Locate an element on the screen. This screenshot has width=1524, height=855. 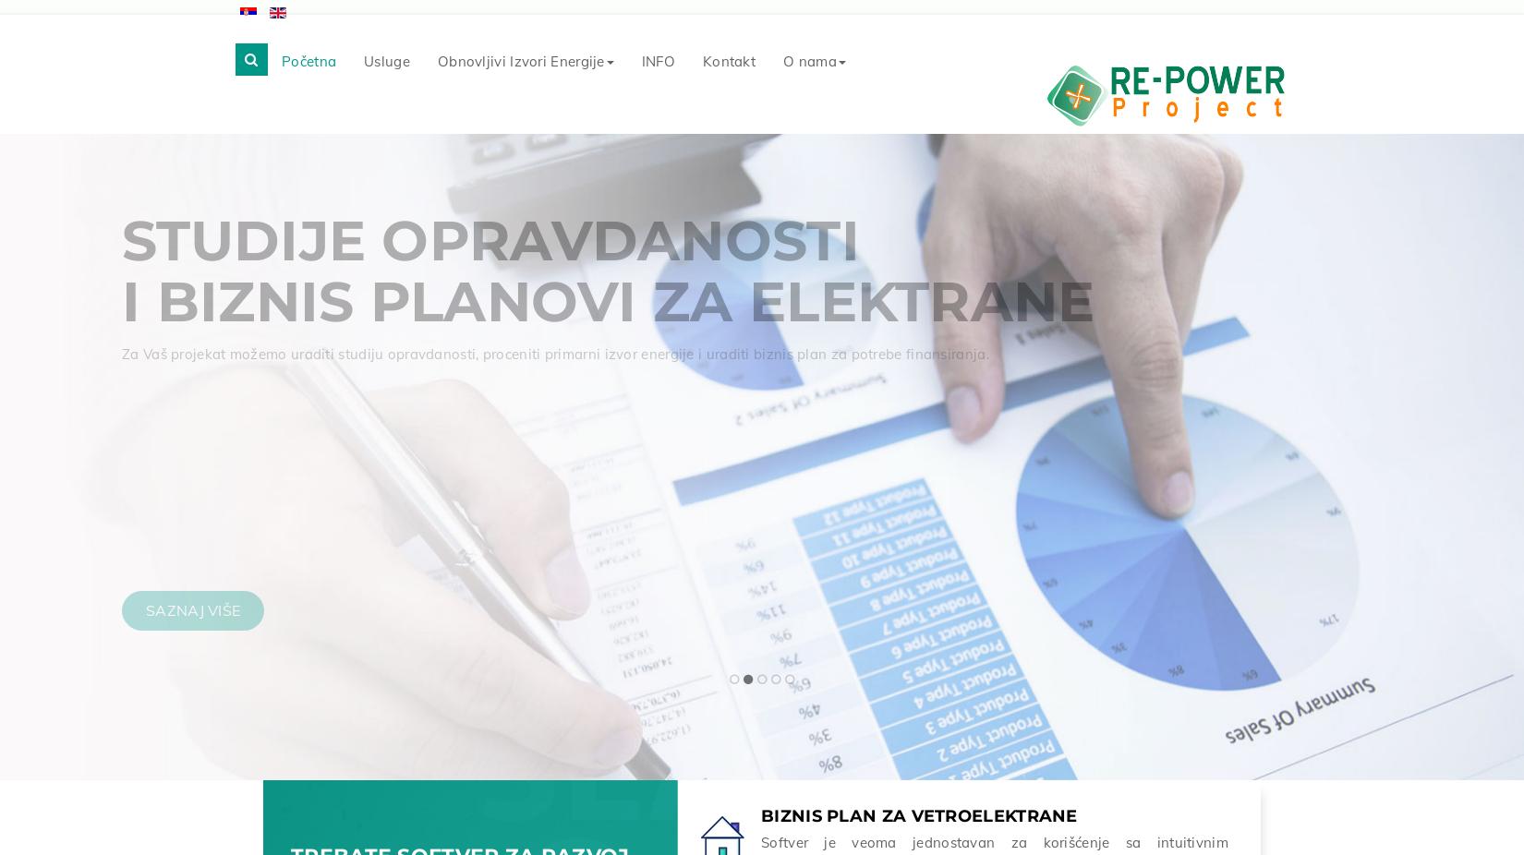
'Projektno-tehnička dokumentacija' is located at coordinates (122, 327).